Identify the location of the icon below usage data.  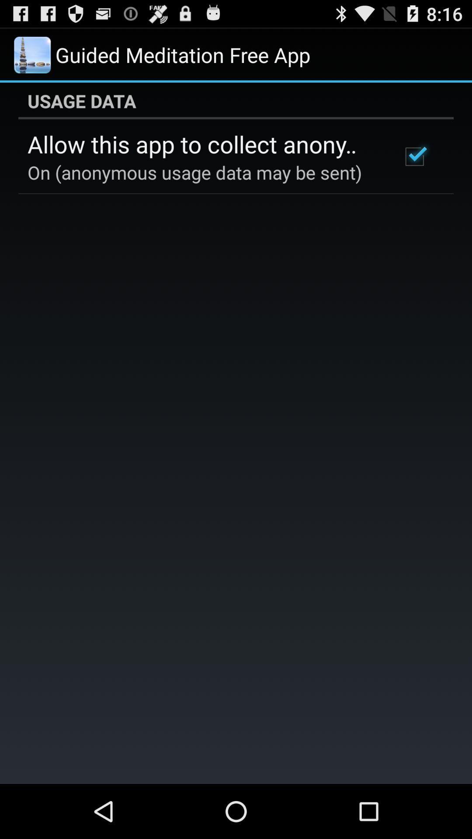
(414, 156).